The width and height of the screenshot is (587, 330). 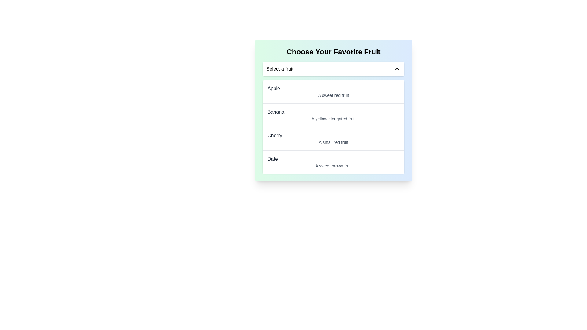 I want to click on the chevron icon on the right side of the 'Select a fruit' dropdown menu, so click(x=397, y=69).